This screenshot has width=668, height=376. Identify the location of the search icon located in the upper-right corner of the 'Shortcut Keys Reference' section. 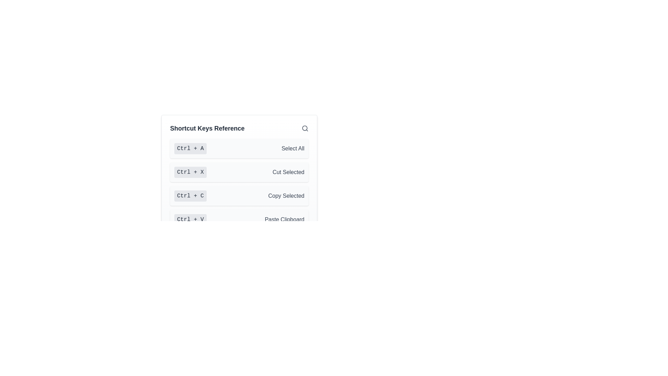
(305, 128).